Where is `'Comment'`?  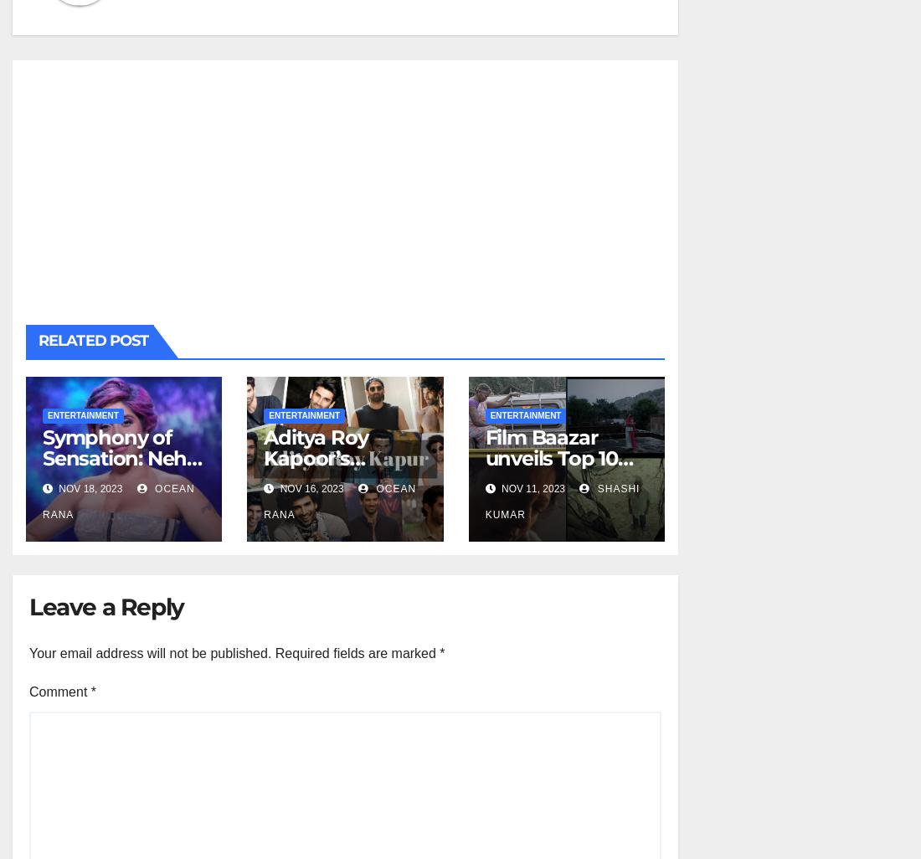 'Comment' is located at coordinates (59, 691).